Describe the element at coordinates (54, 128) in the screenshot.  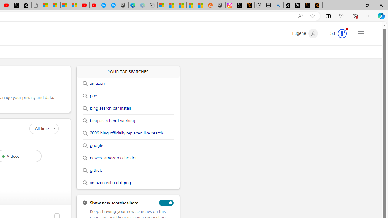
I see `'Class: dropdown__chevron'` at that location.